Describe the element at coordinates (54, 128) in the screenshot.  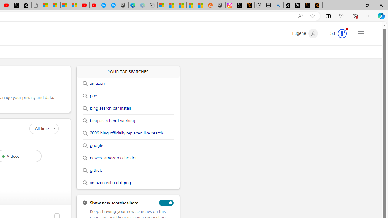
I see `'Class: dropdown__chevron'` at that location.